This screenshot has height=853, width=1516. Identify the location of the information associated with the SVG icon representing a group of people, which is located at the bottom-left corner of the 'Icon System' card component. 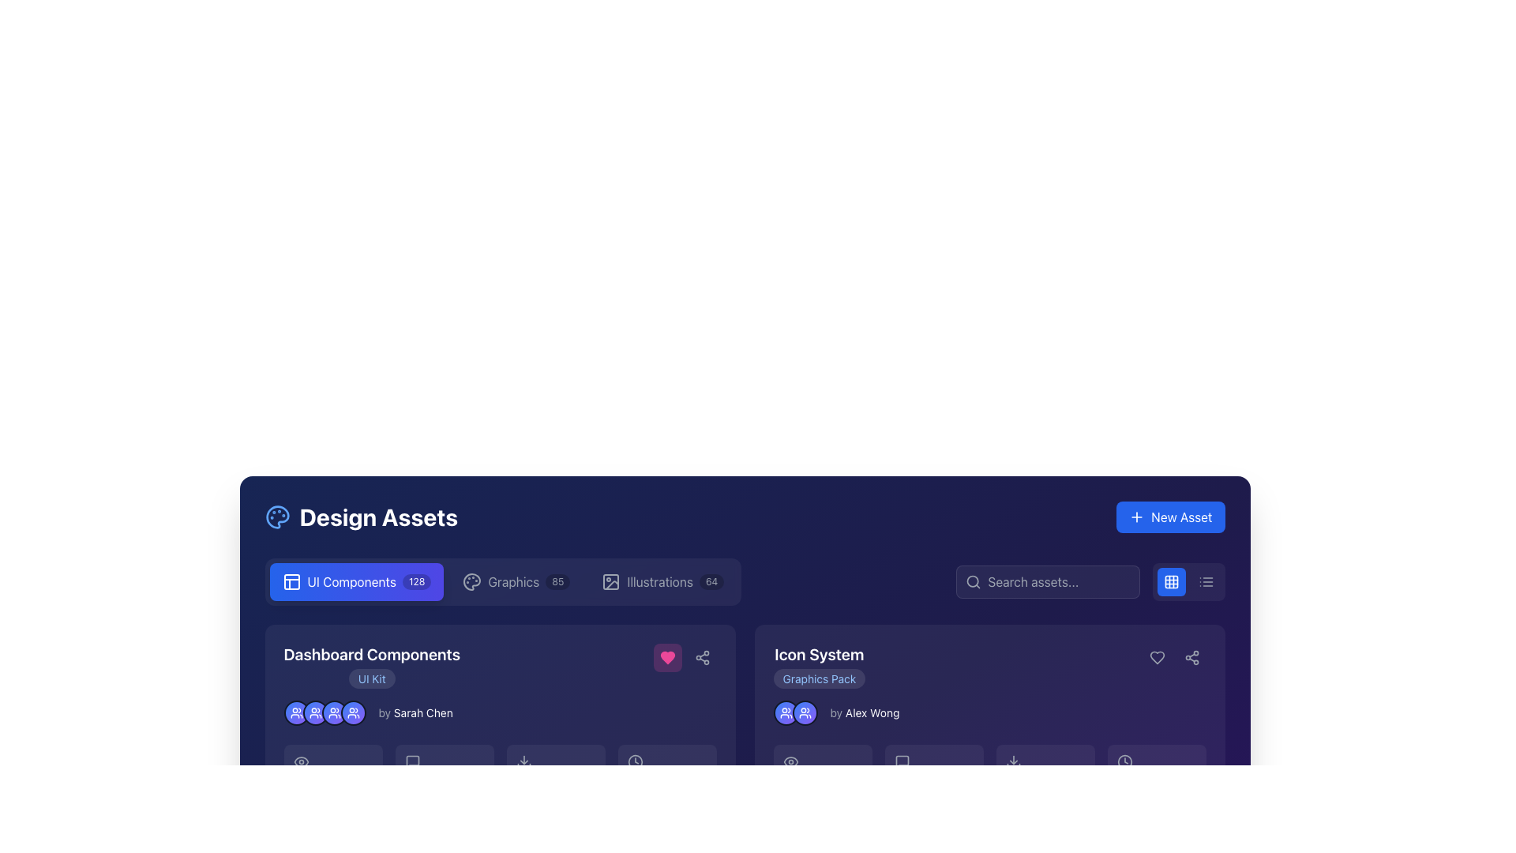
(786, 712).